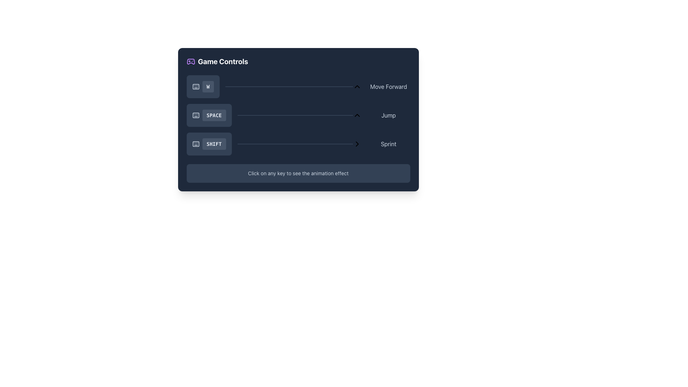 This screenshot has height=387, width=688. I want to click on the keyboard icon located to the left of the label 'W' in the game control instructions panel, so click(196, 86).